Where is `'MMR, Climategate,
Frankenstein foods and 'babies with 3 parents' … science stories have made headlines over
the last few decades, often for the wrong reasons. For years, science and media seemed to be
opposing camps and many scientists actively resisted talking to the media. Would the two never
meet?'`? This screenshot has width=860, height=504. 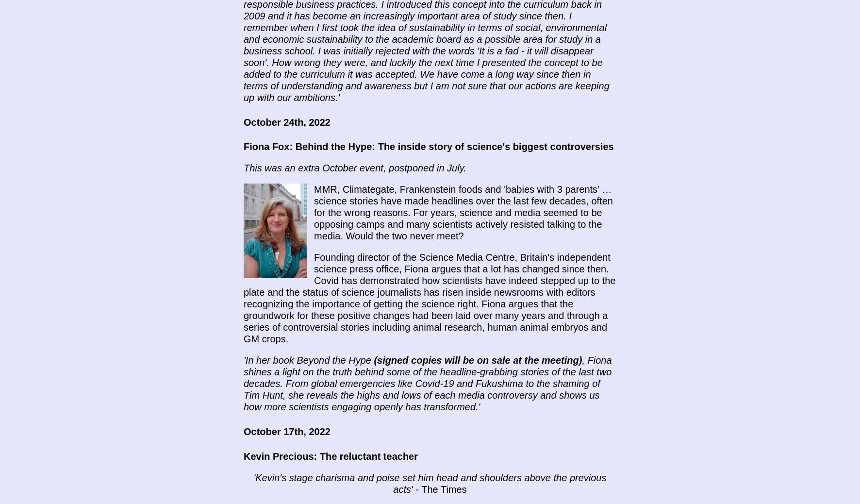
'MMR, Climategate,
Frankenstein foods and 'babies with 3 parents' … science stories have made headlines over
the last few decades, often for the wrong reasons. For years, science and media seemed to be
opposing camps and many scientists actively resisted talking to the media. Would the two never
meet?' is located at coordinates (314, 213).